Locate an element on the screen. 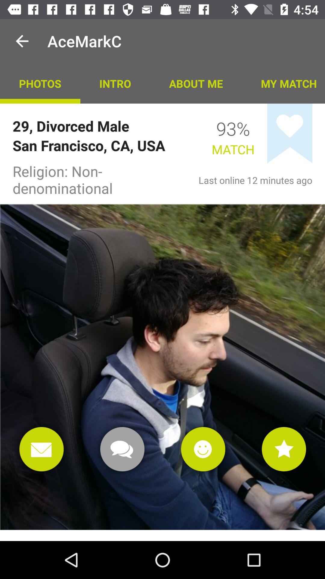 The height and width of the screenshot is (579, 325). icon next to match icon is located at coordinates (289, 133).